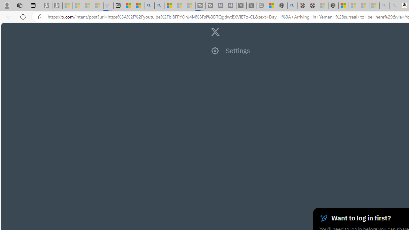 This screenshot has height=230, width=409. I want to click on 'amazon - Search - Sleeping', so click(384, 5).